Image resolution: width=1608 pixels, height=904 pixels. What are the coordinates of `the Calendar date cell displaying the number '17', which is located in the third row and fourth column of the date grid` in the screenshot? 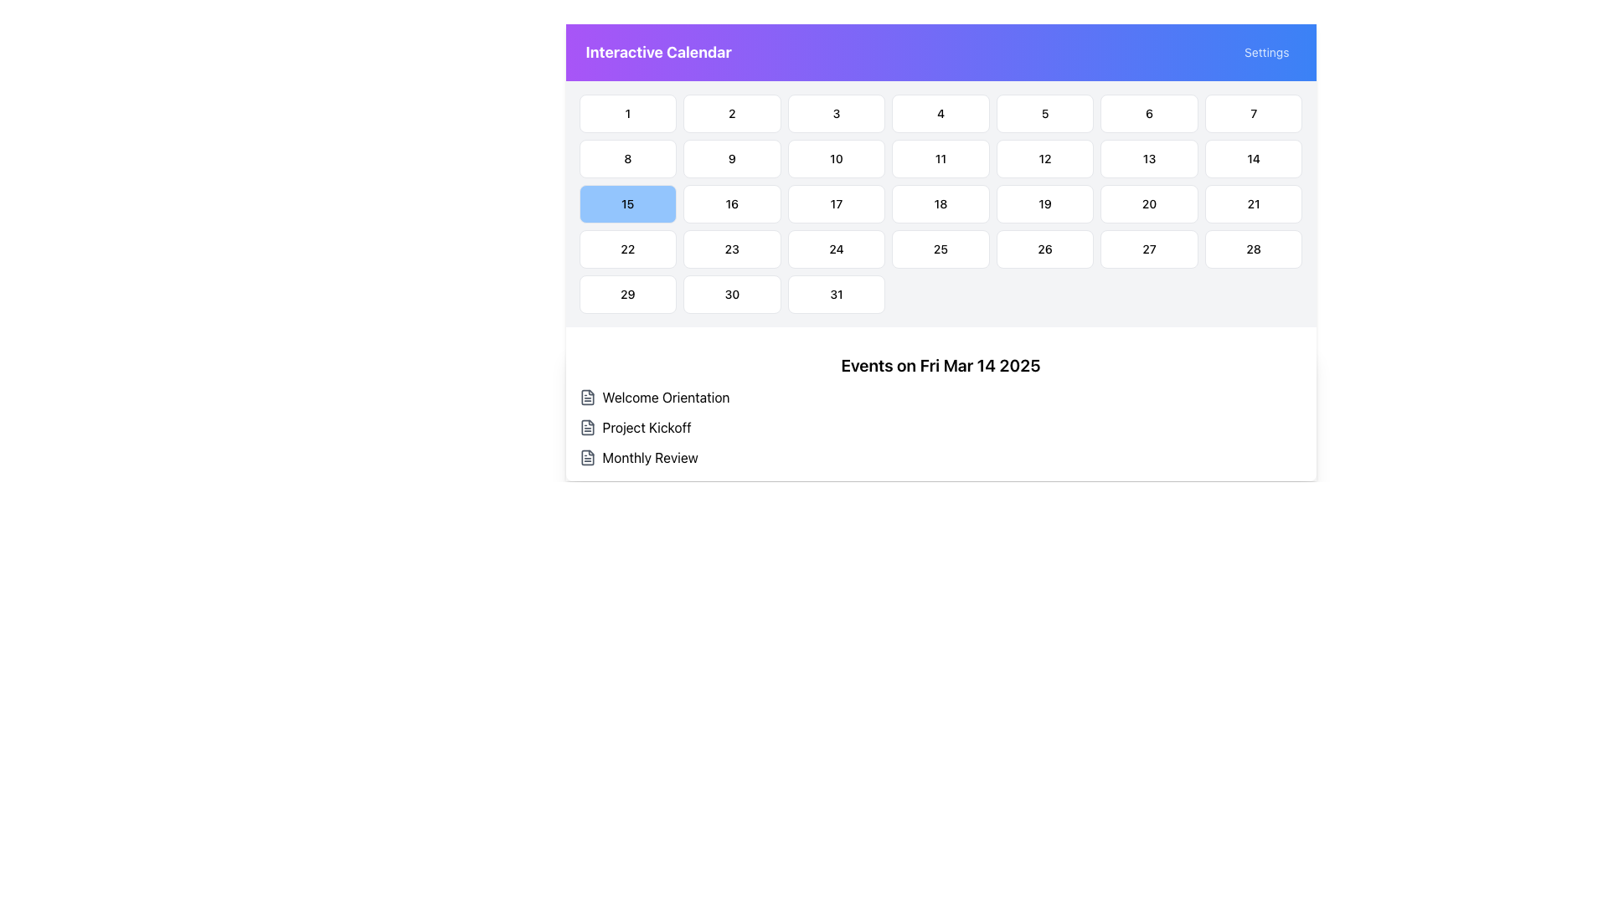 It's located at (836, 203).